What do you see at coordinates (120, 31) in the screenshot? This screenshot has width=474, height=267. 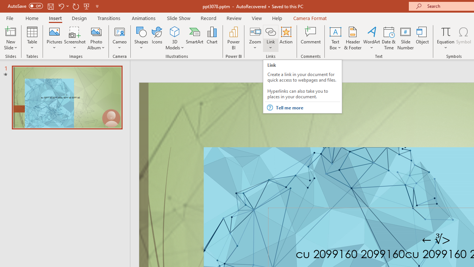 I see `'Cameo'` at bounding box center [120, 31].